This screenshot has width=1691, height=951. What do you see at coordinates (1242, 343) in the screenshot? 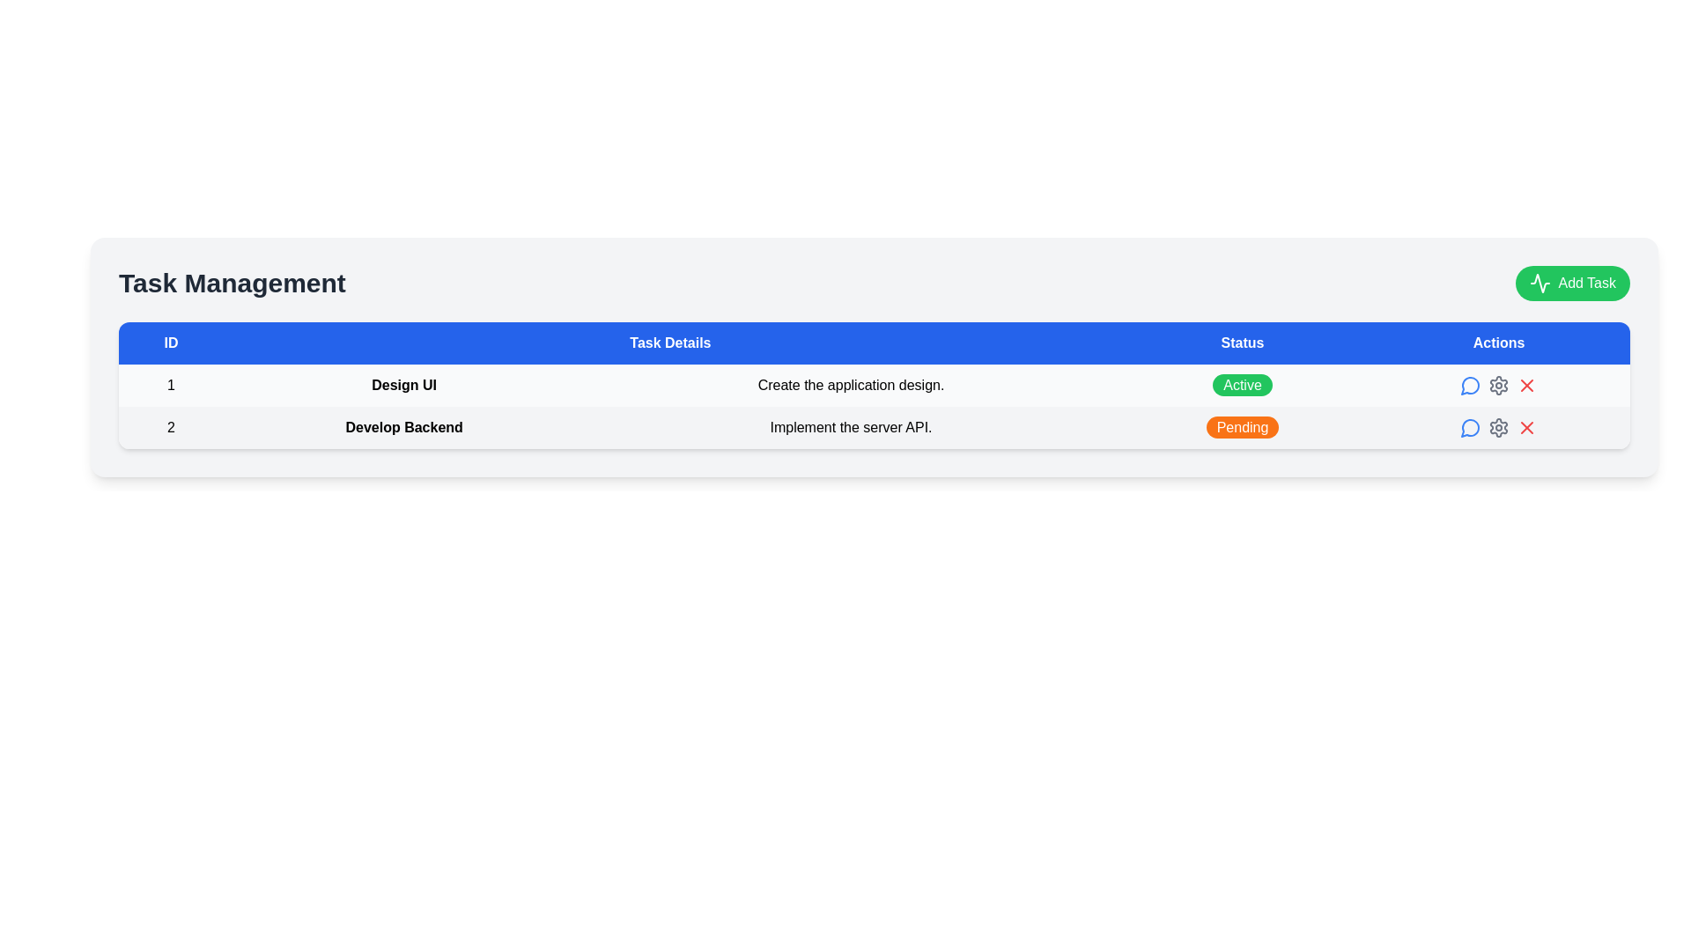
I see `the 'Status' column header cell in the table, which is the third header element among 'ID', 'Task Details', and 'Actions'` at bounding box center [1242, 343].